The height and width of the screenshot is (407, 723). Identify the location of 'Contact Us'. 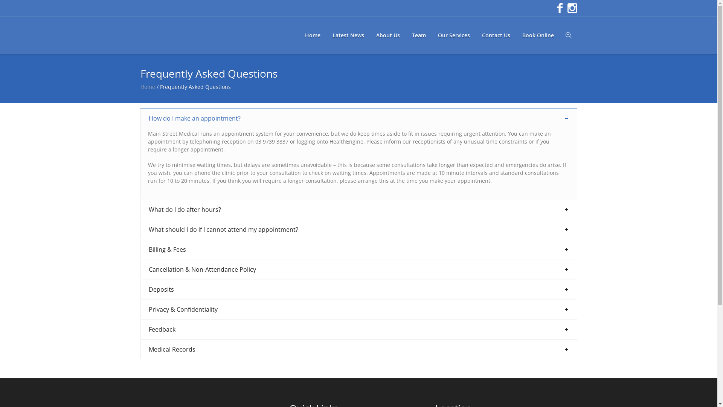
(496, 35).